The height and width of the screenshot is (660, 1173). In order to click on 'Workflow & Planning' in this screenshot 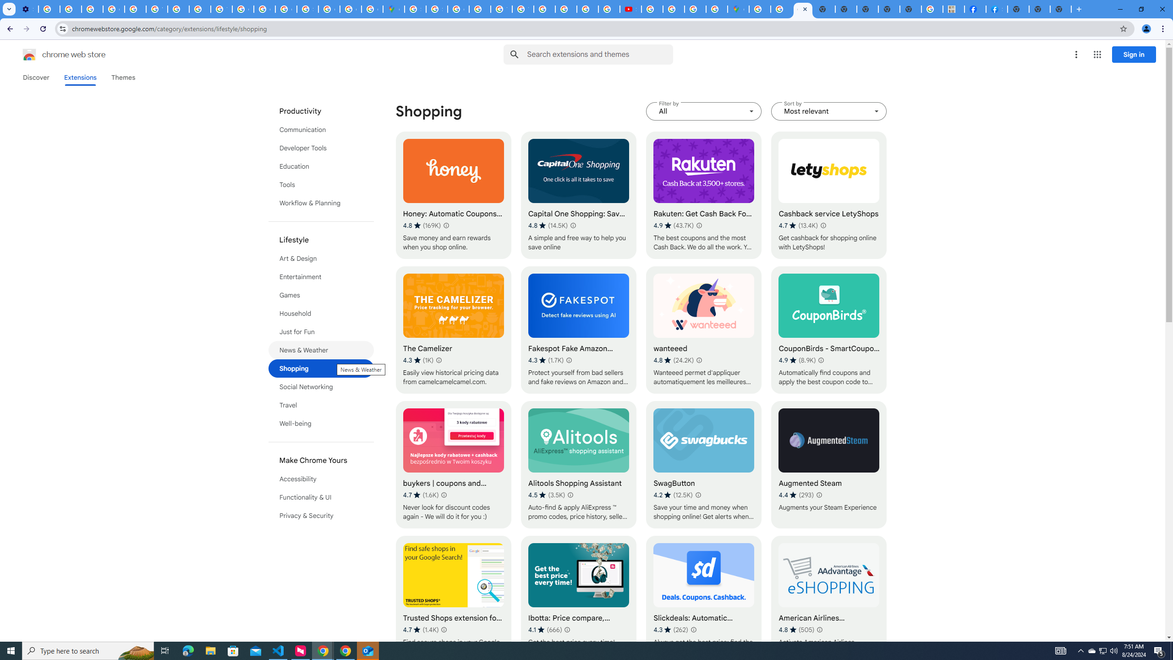, I will do `click(321, 203)`.